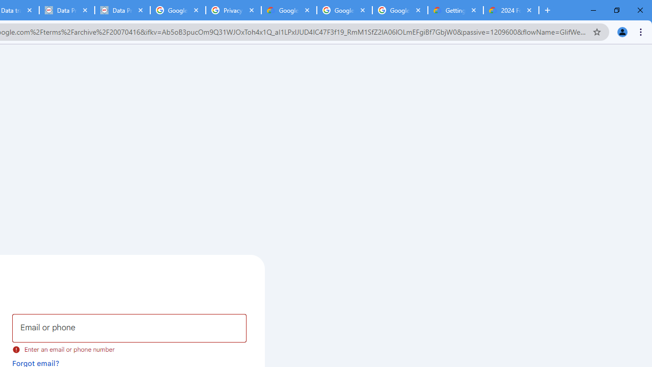 The height and width of the screenshot is (367, 652). I want to click on 'Google Cloud Terms Directory | Google Cloud', so click(288, 10).